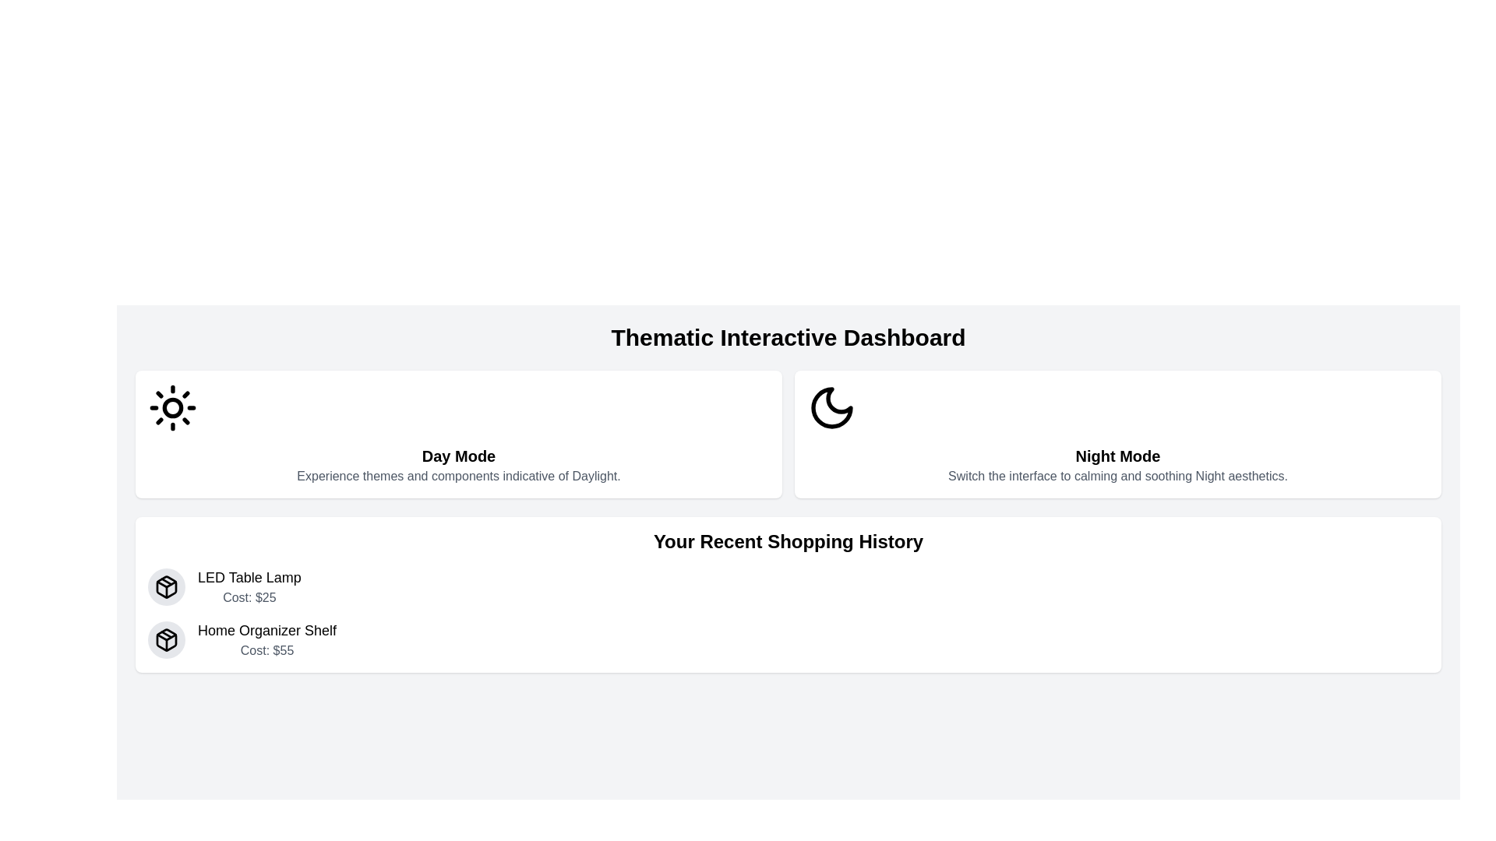  Describe the element at coordinates (831, 407) in the screenshot. I see `the crescent moon icon, which represents the 'Night Mode' feature` at that location.